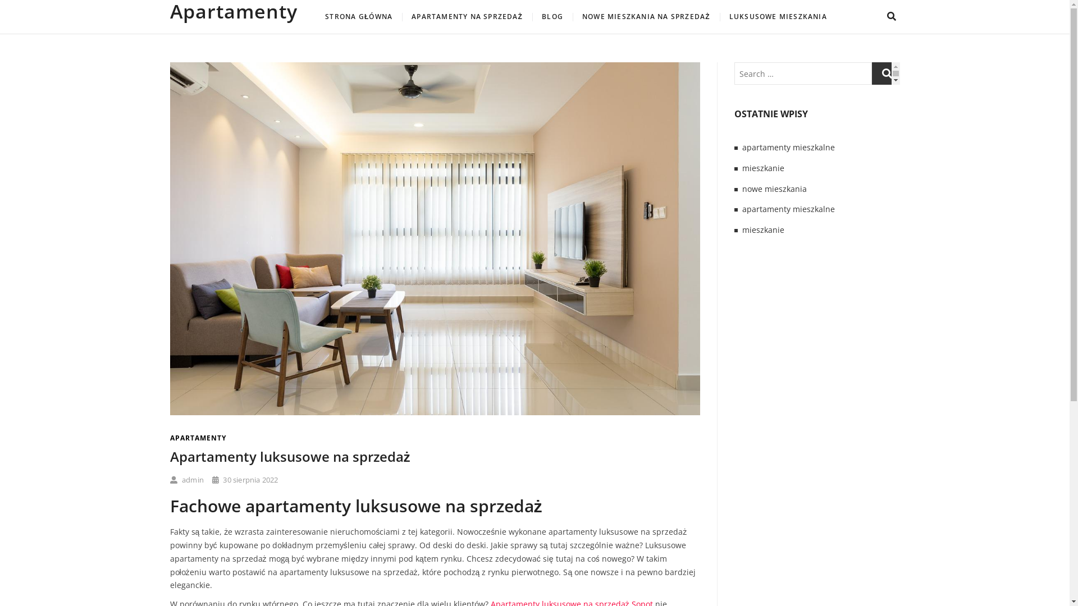  What do you see at coordinates (763, 229) in the screenshot?
I see `'mieszkanie'` at bounding box center [763, 229].